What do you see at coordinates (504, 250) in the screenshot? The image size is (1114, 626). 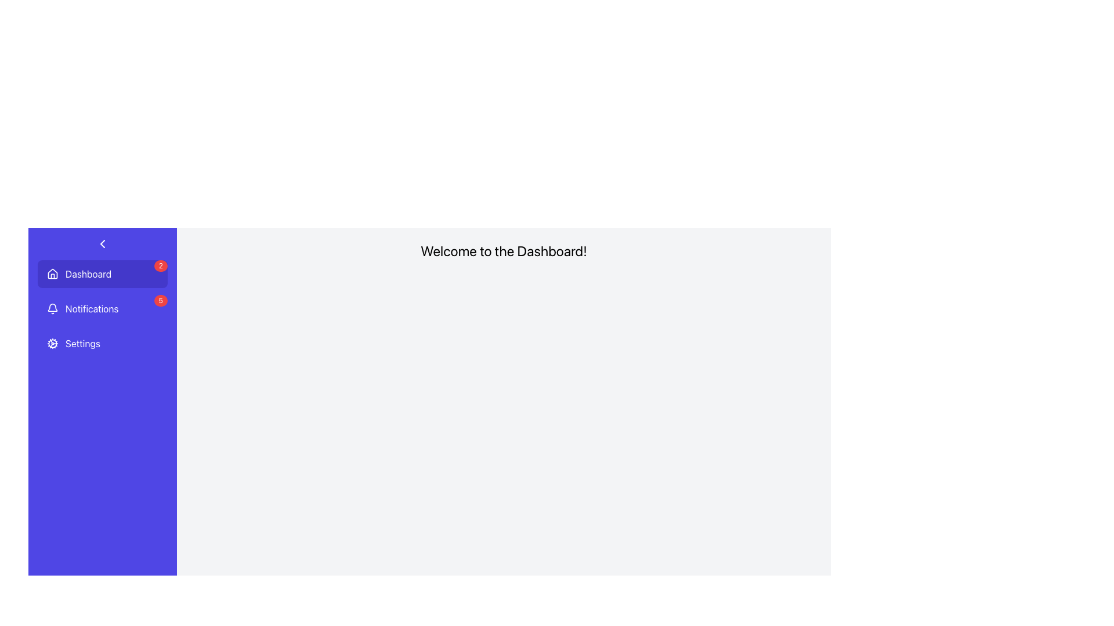 I see `text of the Text Header displaying 'Welcome to the Dashboard!' located at the top section of the main content area` at bounding box center [504, 250].